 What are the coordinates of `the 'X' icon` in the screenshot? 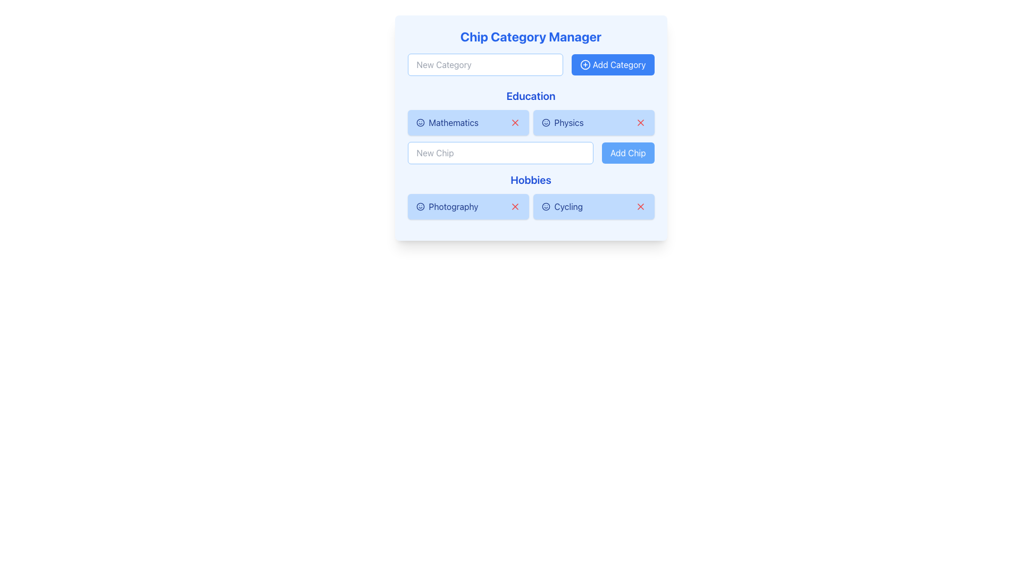 It's located at (640, 122).